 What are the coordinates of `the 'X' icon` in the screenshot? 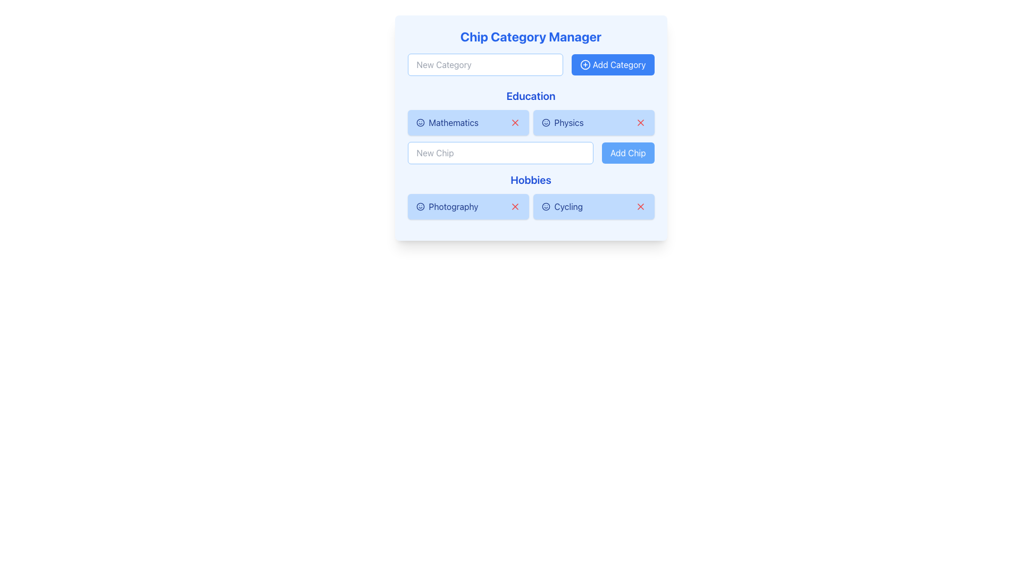 It's located at (640, 122).